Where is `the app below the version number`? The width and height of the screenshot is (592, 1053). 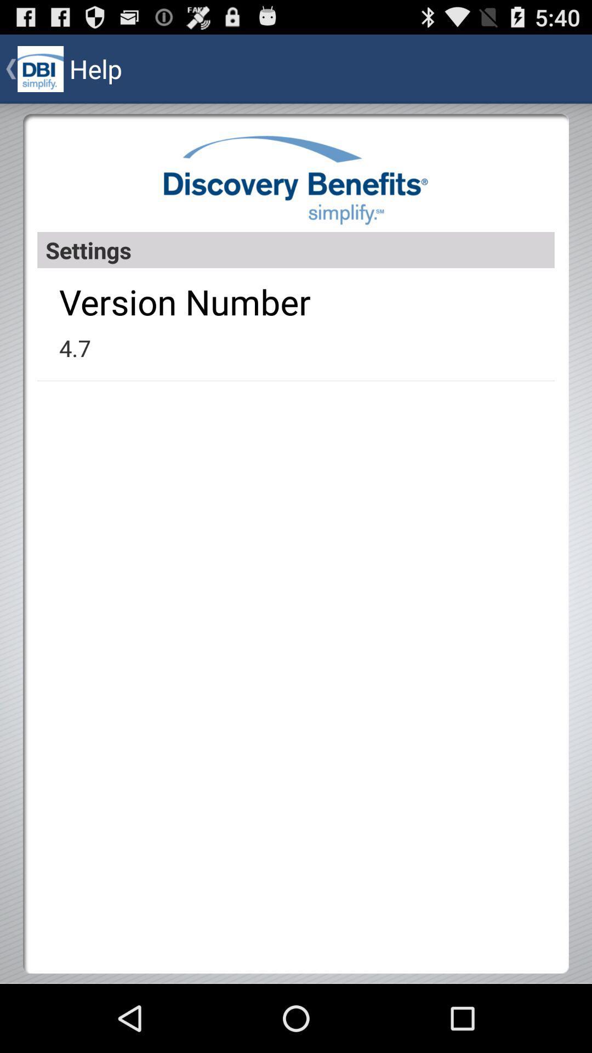 the app below the version number is located at coordinates (74, 347).